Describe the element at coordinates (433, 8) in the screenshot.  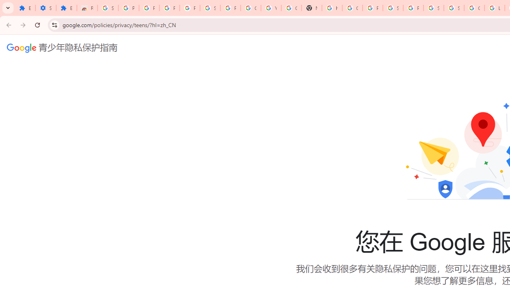
I see `'Sign in - Google Accounts'` at that location.